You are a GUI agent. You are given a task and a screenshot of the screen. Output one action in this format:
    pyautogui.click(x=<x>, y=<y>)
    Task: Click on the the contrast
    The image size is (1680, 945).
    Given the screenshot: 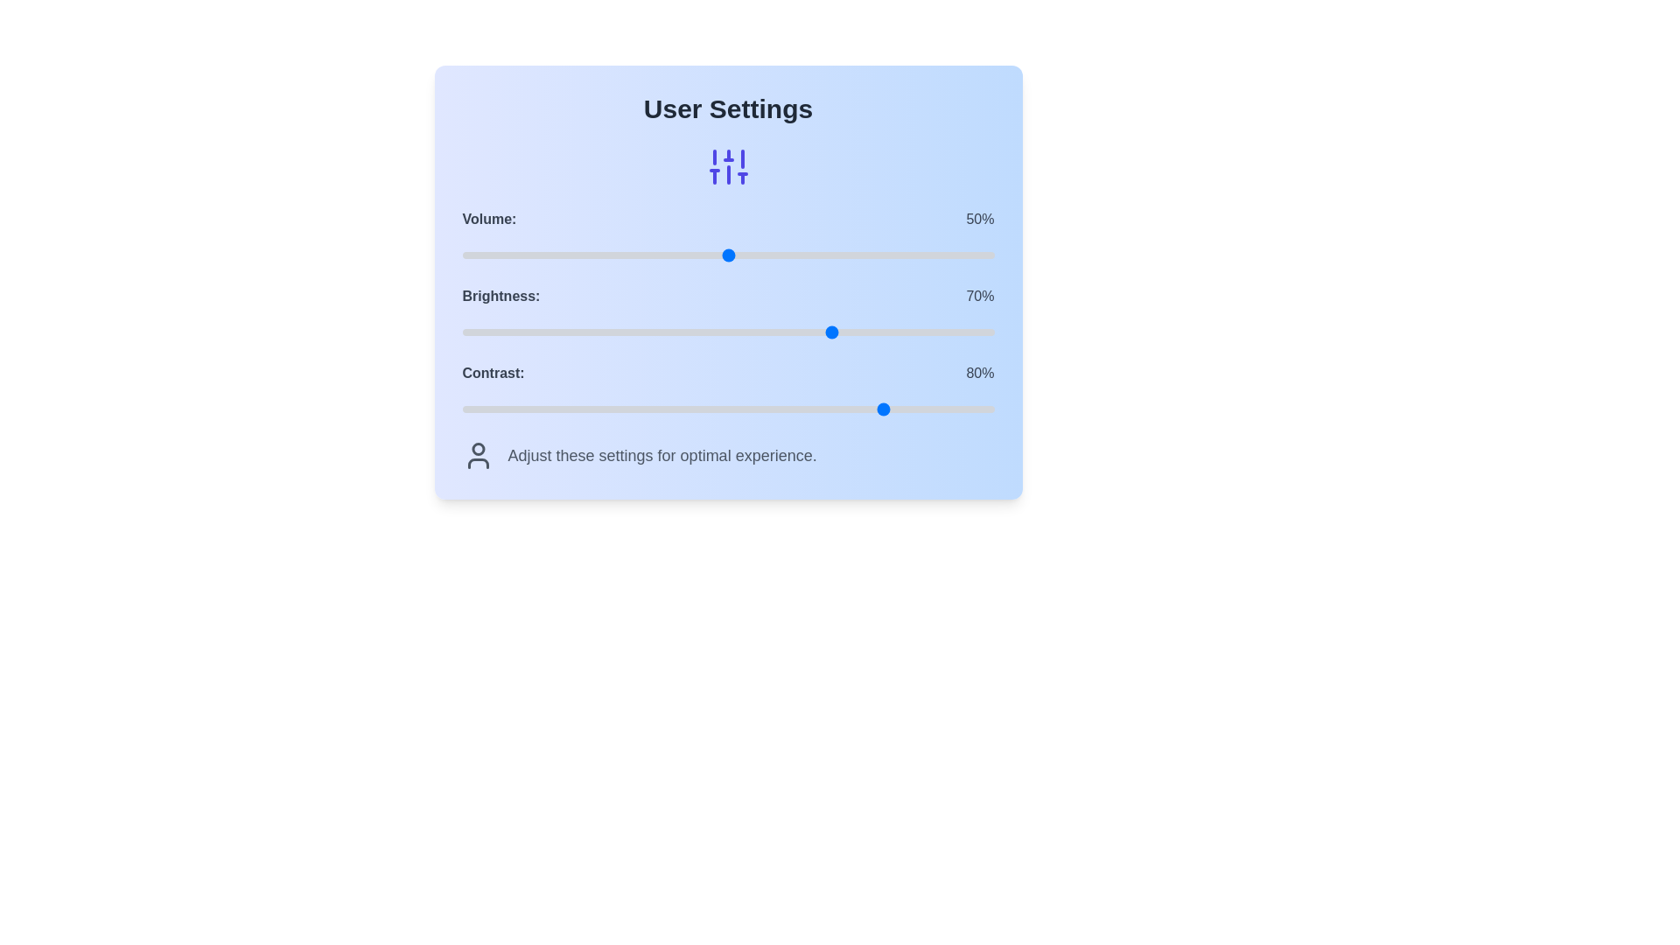 What is the action you would take?
    pyautogui.click(x=899, y=409)
    